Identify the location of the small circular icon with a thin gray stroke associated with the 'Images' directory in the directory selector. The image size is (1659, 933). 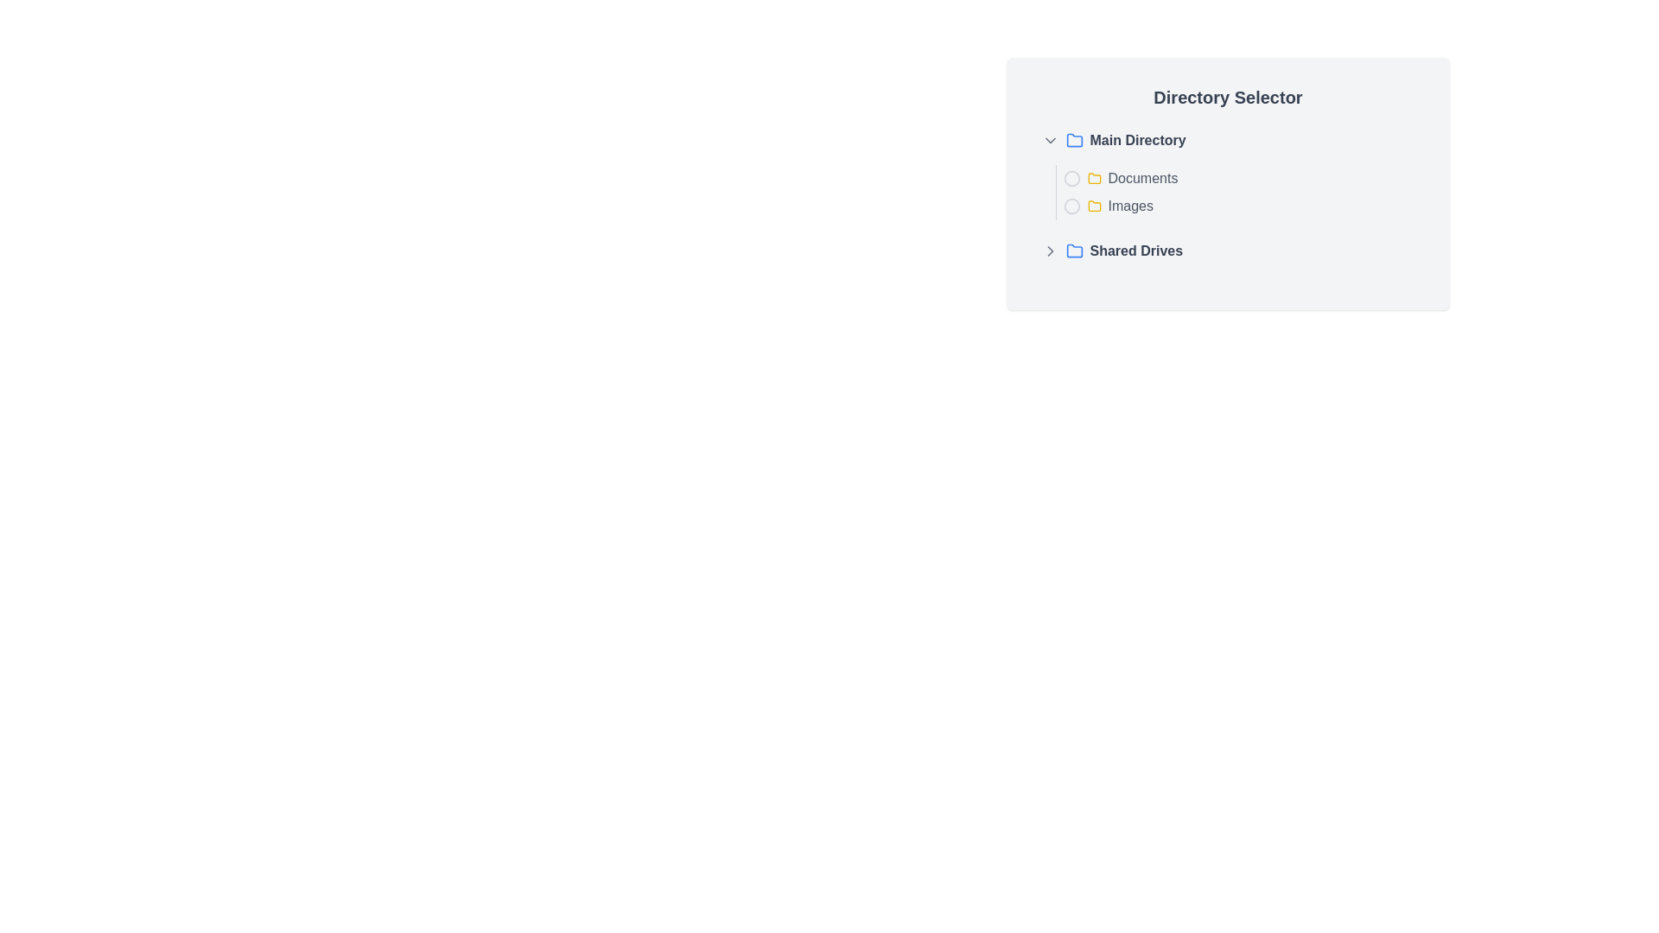
(1071, 206).